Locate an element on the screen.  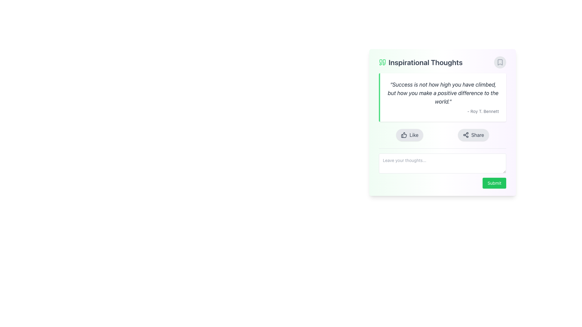
the bookmark icon located at the far right of the title 'Inspirational Thoughts' is located at coordinates (500, 62).